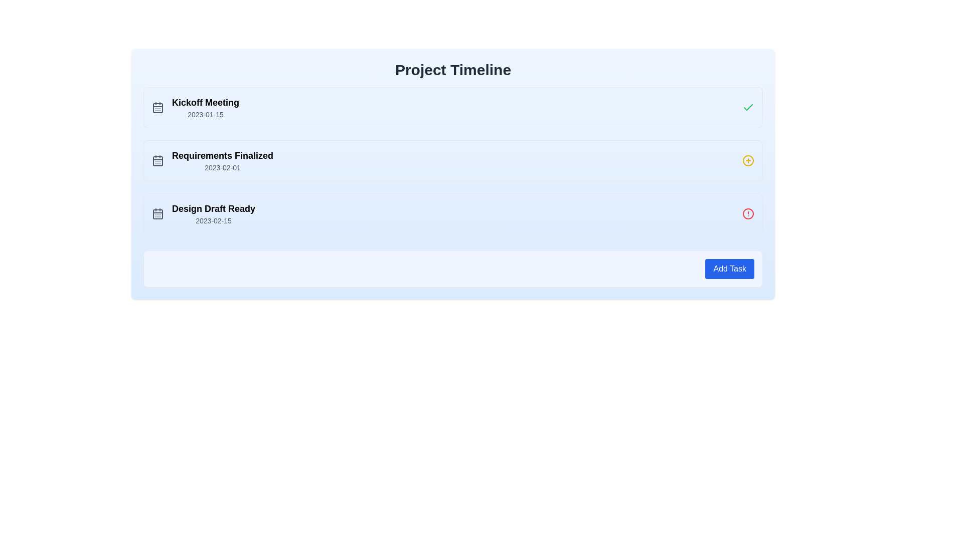 The height and width of the screenshot is (541, 963). I want to click on the third milestone marker in the project timeline that denotes 'Design Draft Ready', so click(452, 213).